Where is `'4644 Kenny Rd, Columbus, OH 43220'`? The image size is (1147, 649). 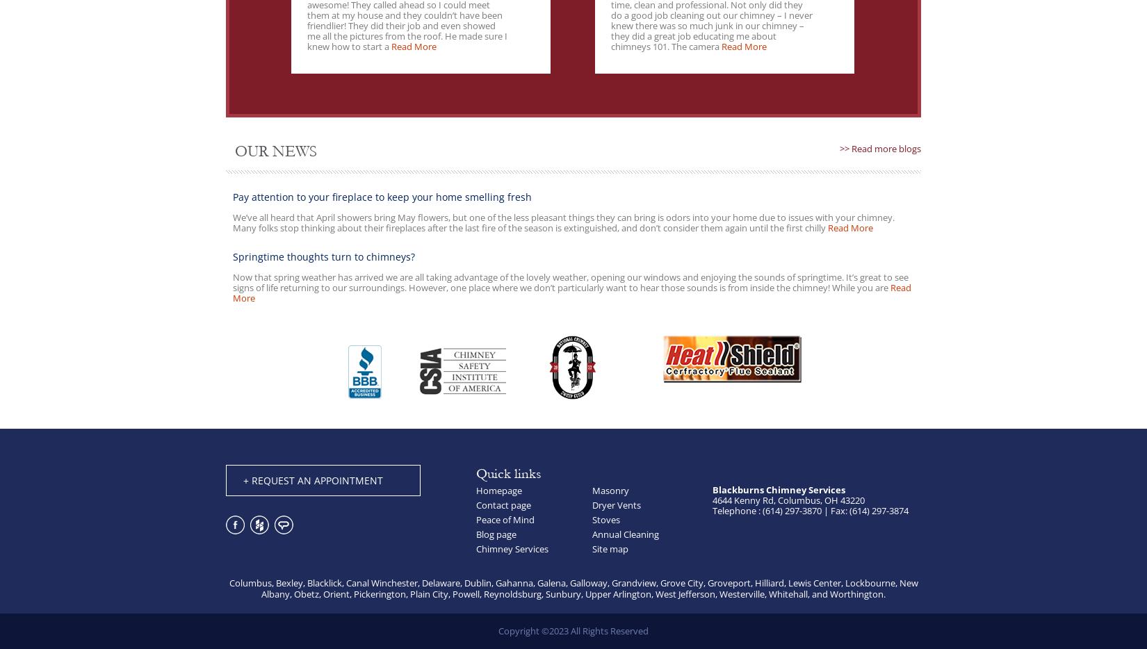
'4644 Kenny Rd, Columbus, OH 43220' is located at coordinates (788, 500).